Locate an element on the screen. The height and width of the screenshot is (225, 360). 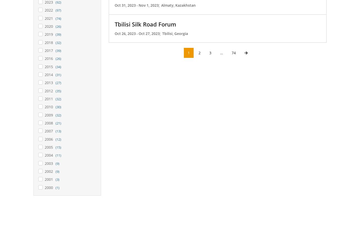
'74' is located at coordinates (233, 53).